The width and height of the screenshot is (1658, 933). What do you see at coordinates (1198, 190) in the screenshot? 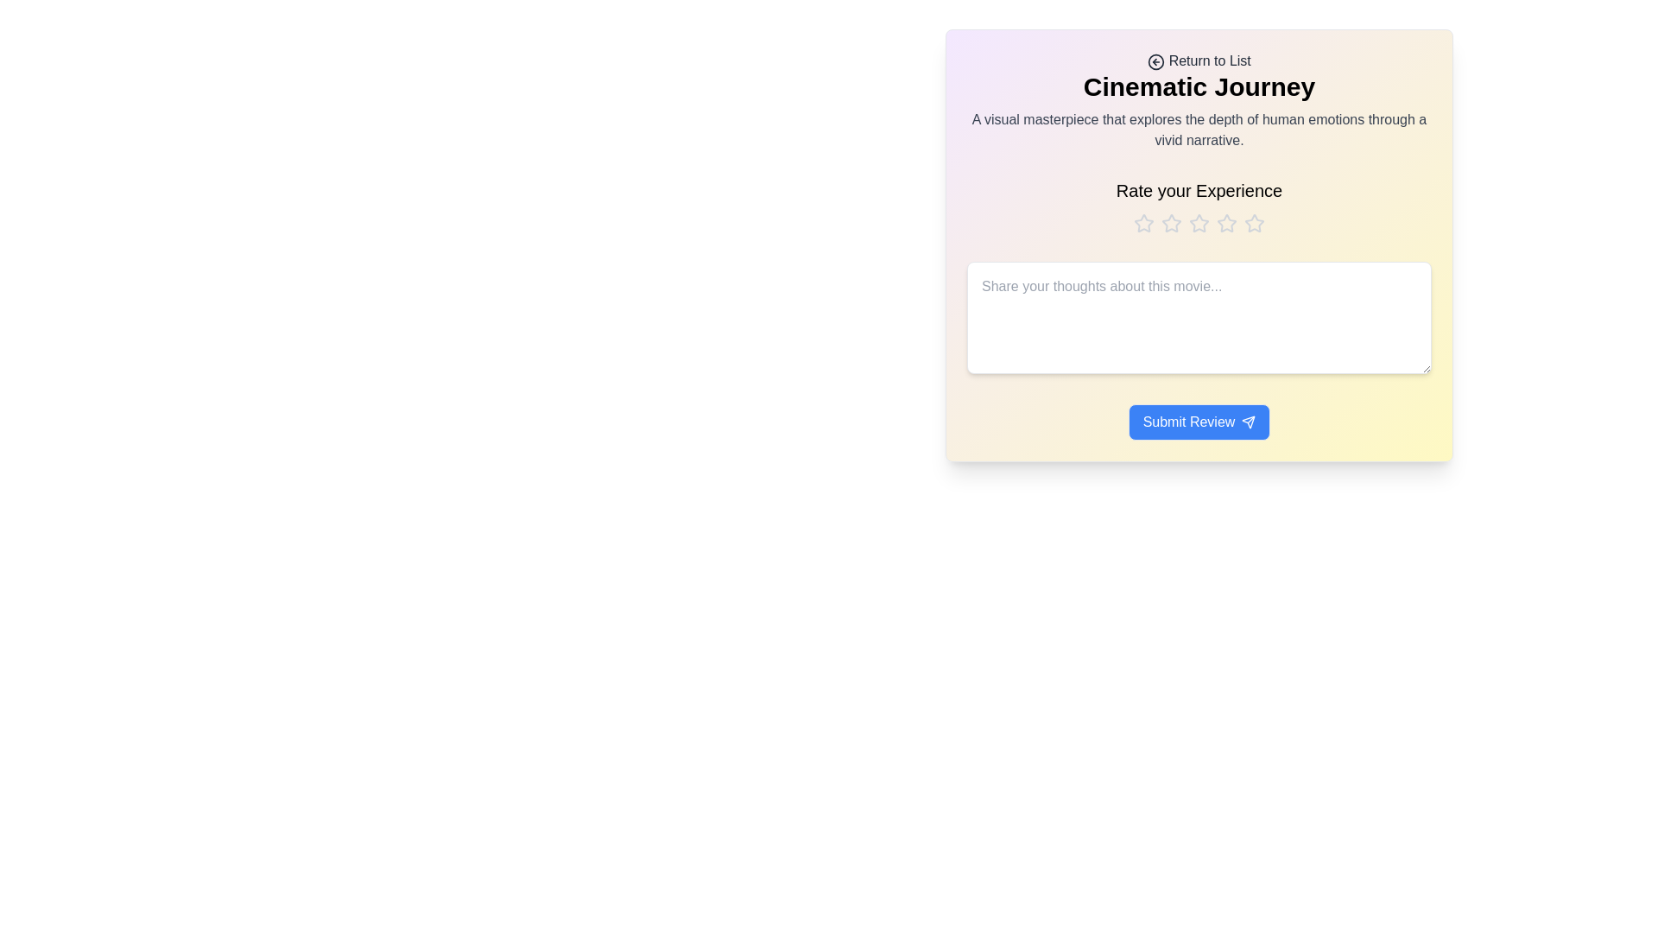
I see `the bold text label reading 'Rate your Experience', which is centrally positioned above the star rating interface` at bounding box center [1198, 190].